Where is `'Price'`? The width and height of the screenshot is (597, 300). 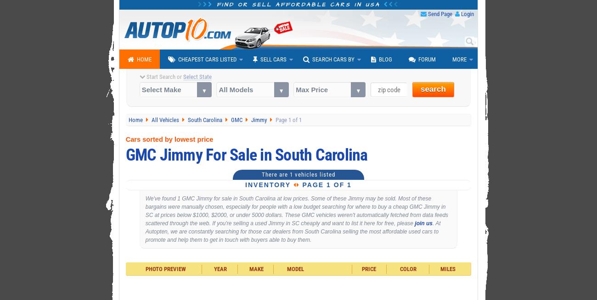
'Price' is located at coordinates (368, 269).